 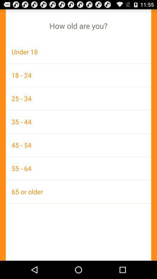 I want to click on icon above the 55 - 64 app, so click(x=78, y=145).